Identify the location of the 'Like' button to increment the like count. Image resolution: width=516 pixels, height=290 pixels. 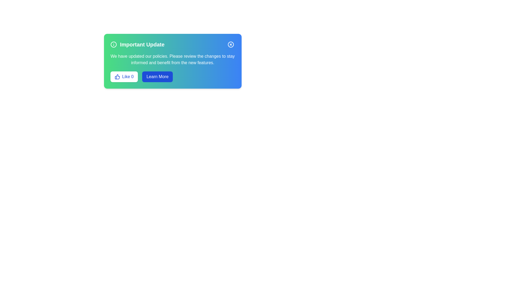
(124, 77).